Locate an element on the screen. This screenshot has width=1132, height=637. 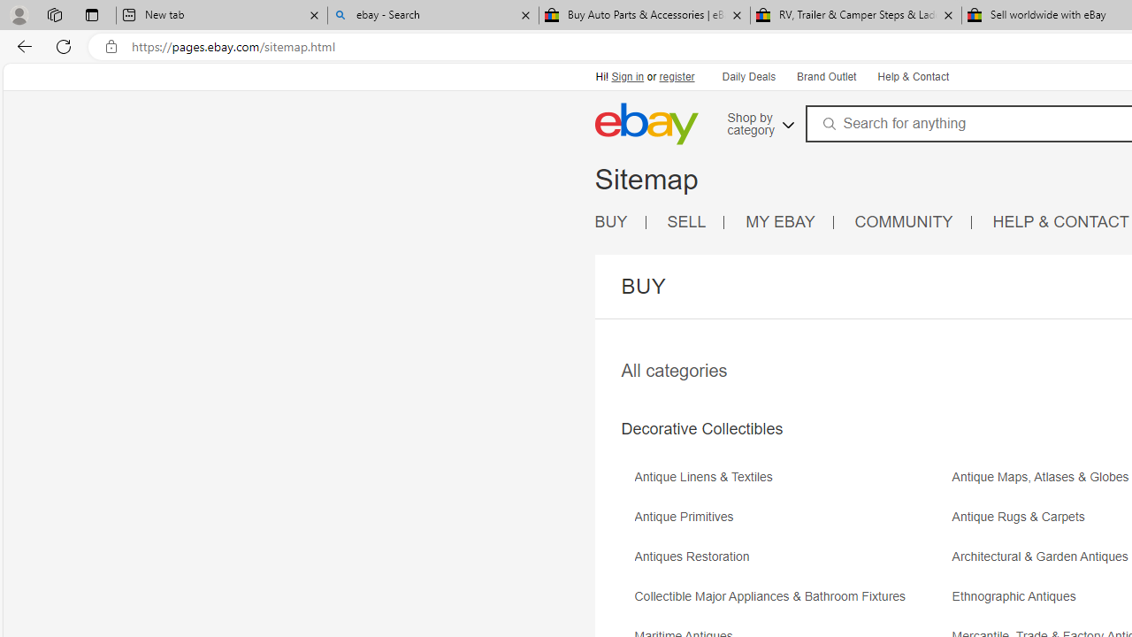
'Workspaces' is located at coordinates (54, 14).